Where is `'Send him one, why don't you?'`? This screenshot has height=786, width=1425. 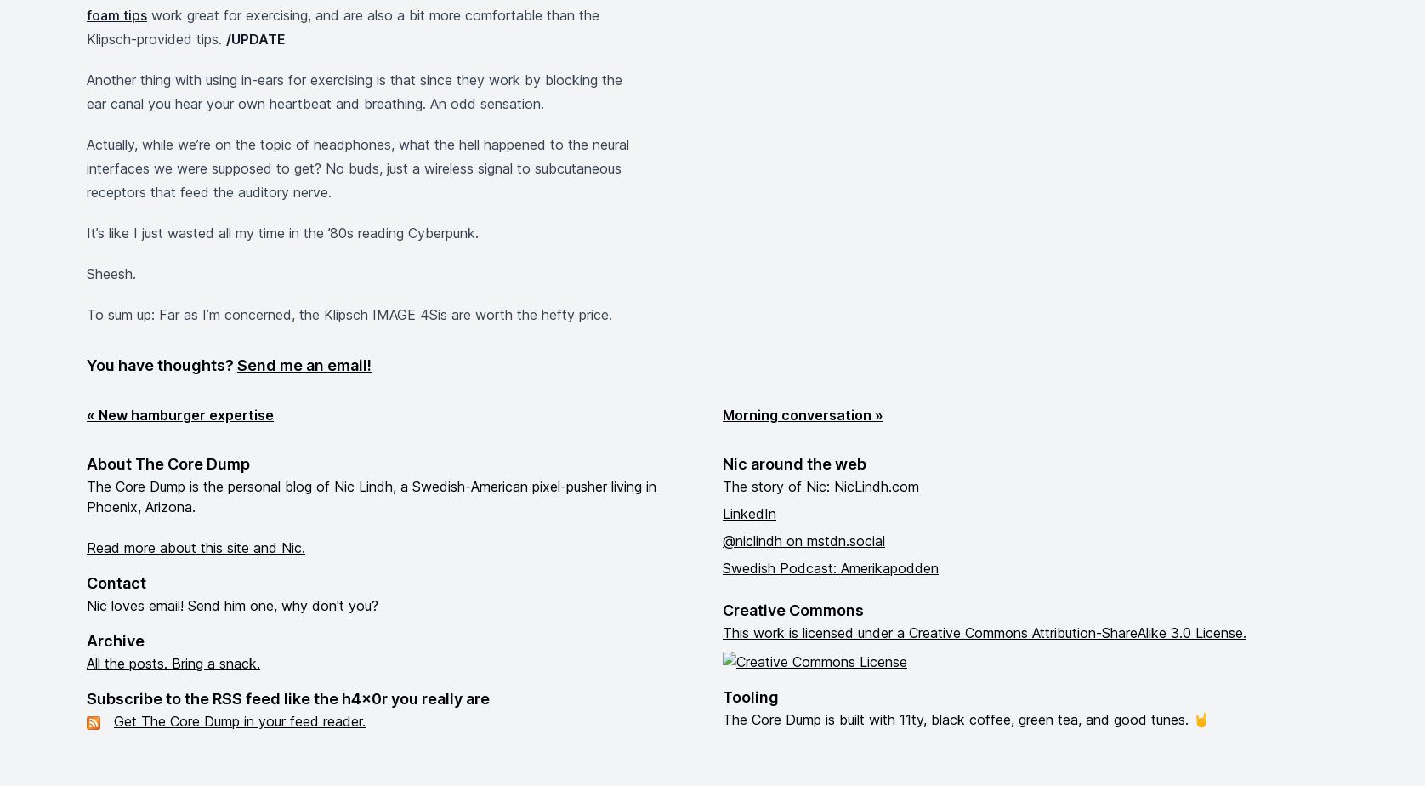 'Send him one, why don't you?' is located at coordinates (187, 606).